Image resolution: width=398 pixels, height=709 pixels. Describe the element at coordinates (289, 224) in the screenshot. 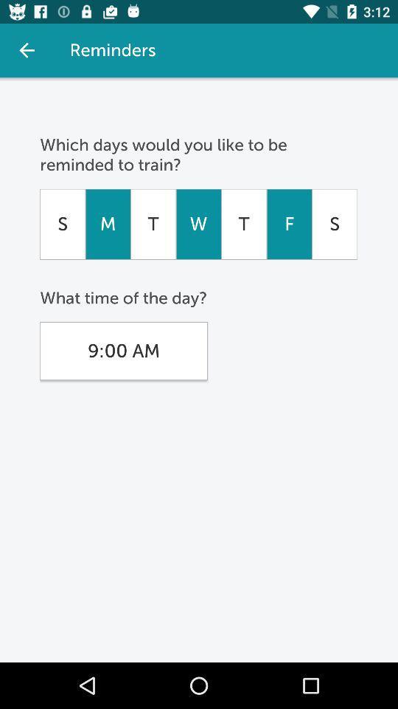

I see `item next to t` at that location.